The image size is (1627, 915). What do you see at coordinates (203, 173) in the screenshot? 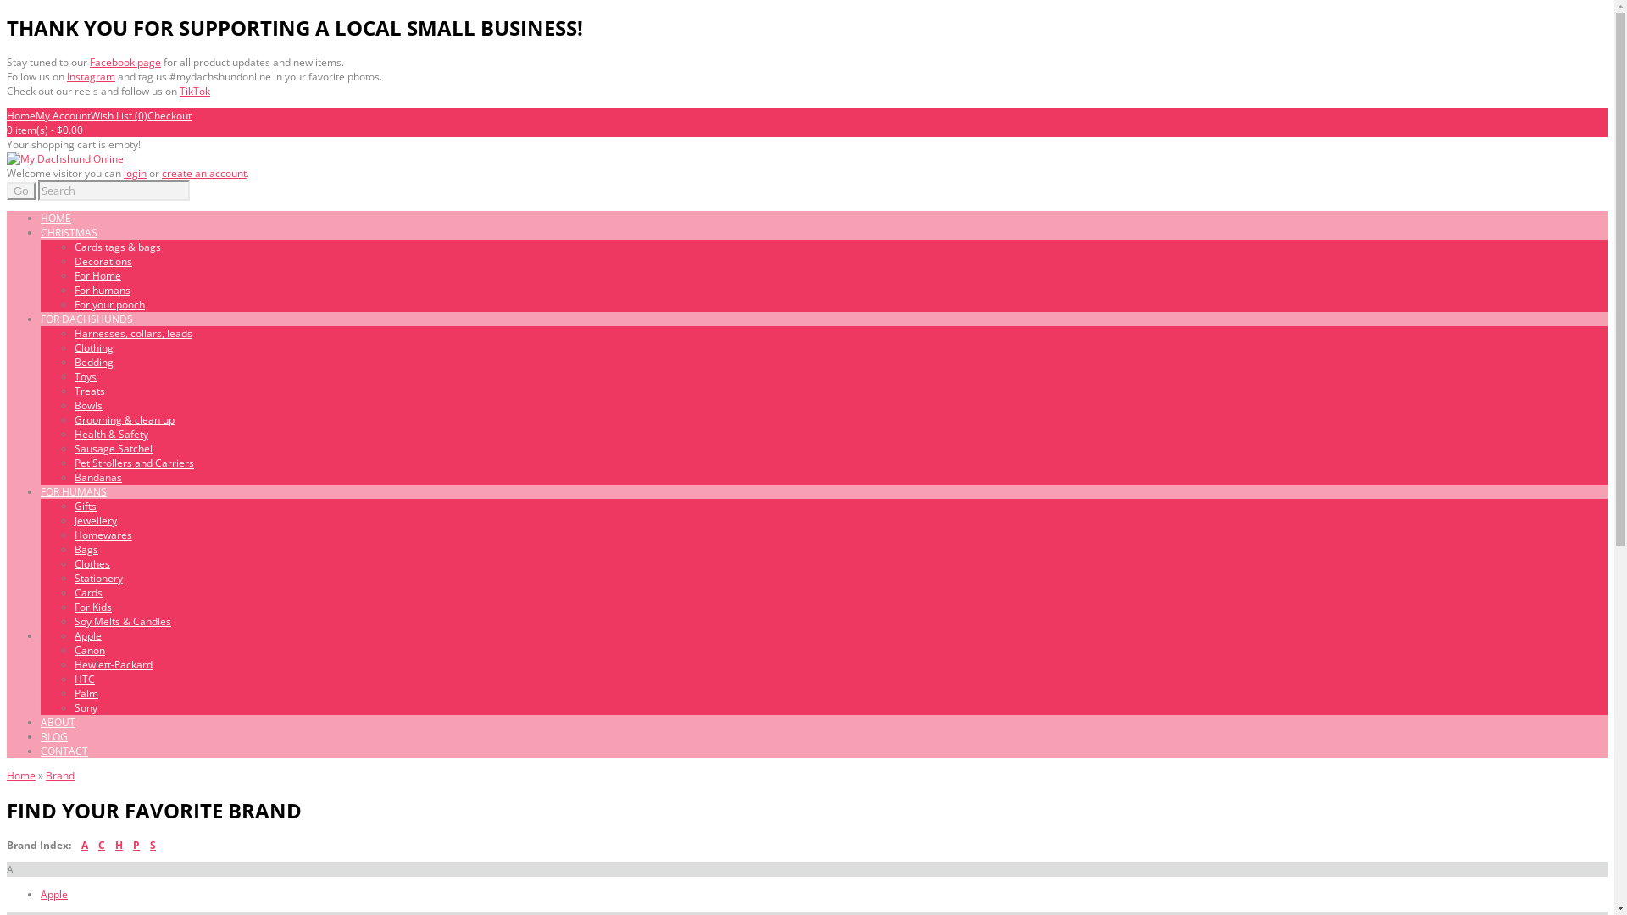
I see `'create an account'` at bounding box center [203, 173].